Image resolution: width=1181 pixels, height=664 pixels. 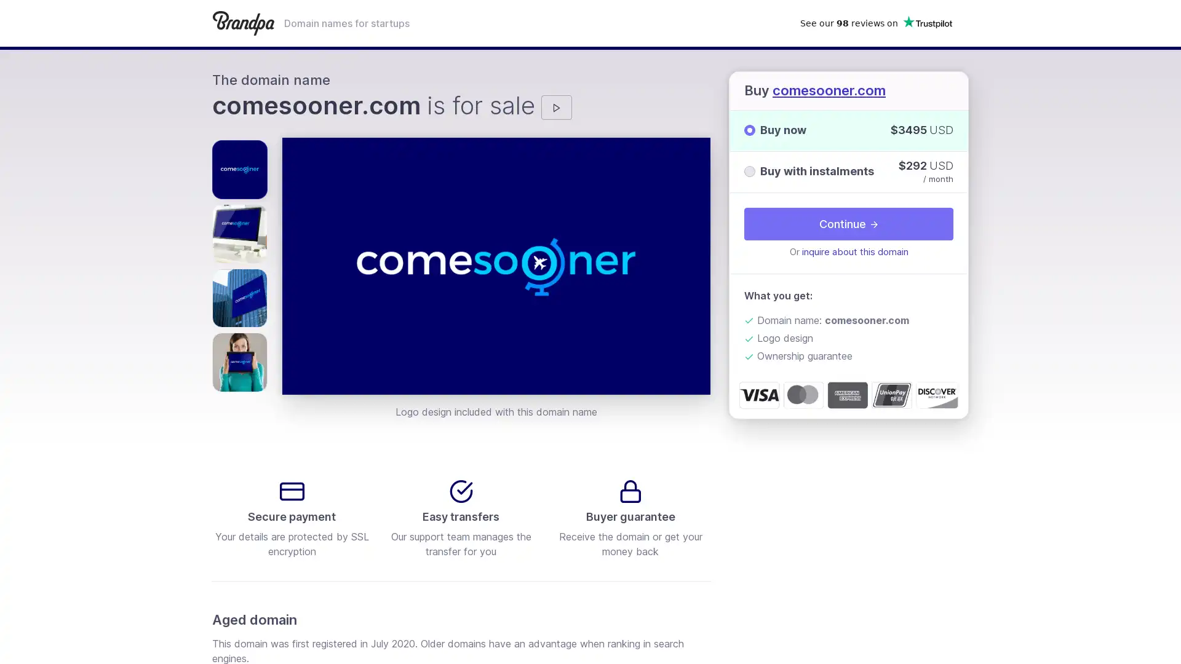 What do you see at coordinates (848, 171) in the screenshot?
I see `Buy with instalments $292 USD / month` at bounding box center [848, 171].